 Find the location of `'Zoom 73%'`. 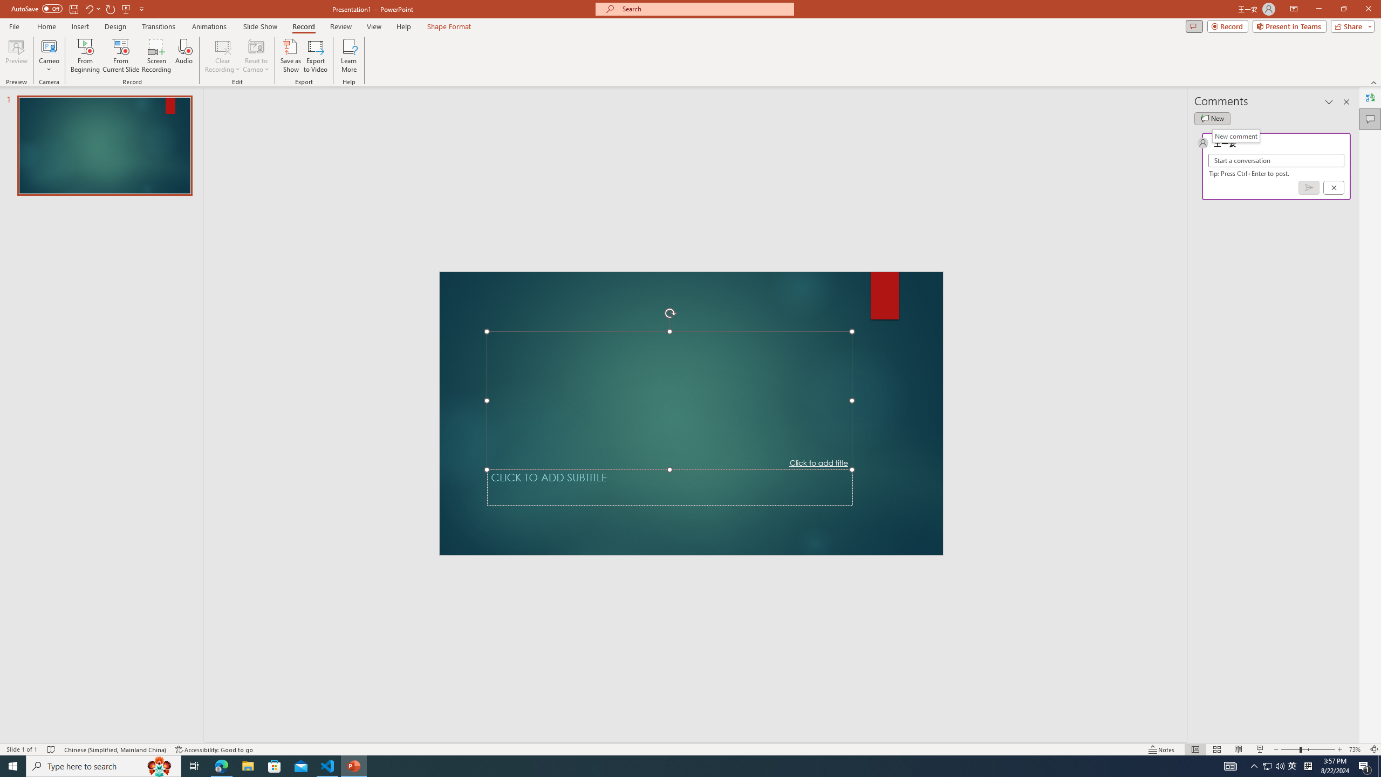

'Zoom 73%' is located at coordinates (1357, 749).